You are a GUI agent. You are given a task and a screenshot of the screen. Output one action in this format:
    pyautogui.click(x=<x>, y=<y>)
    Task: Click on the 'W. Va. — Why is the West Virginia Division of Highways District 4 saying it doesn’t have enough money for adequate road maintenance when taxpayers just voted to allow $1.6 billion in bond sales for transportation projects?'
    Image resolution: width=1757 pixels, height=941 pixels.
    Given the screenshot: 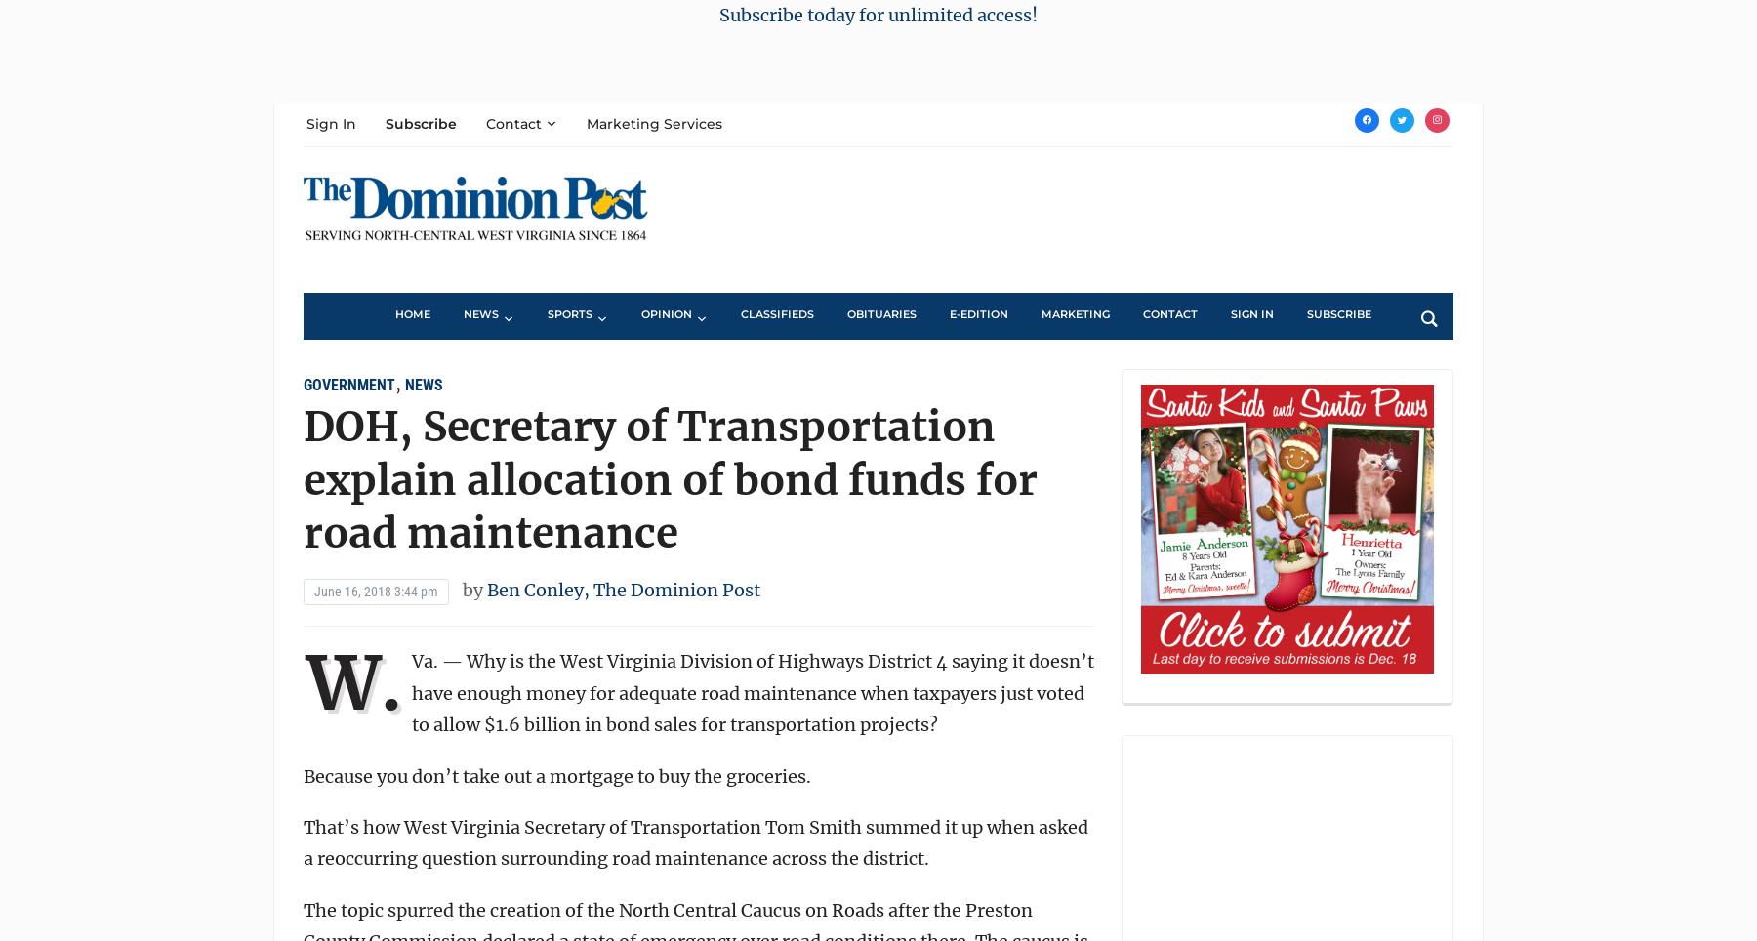 What is the action you would take?
    pyautogui.click(x=699, y=686)
    